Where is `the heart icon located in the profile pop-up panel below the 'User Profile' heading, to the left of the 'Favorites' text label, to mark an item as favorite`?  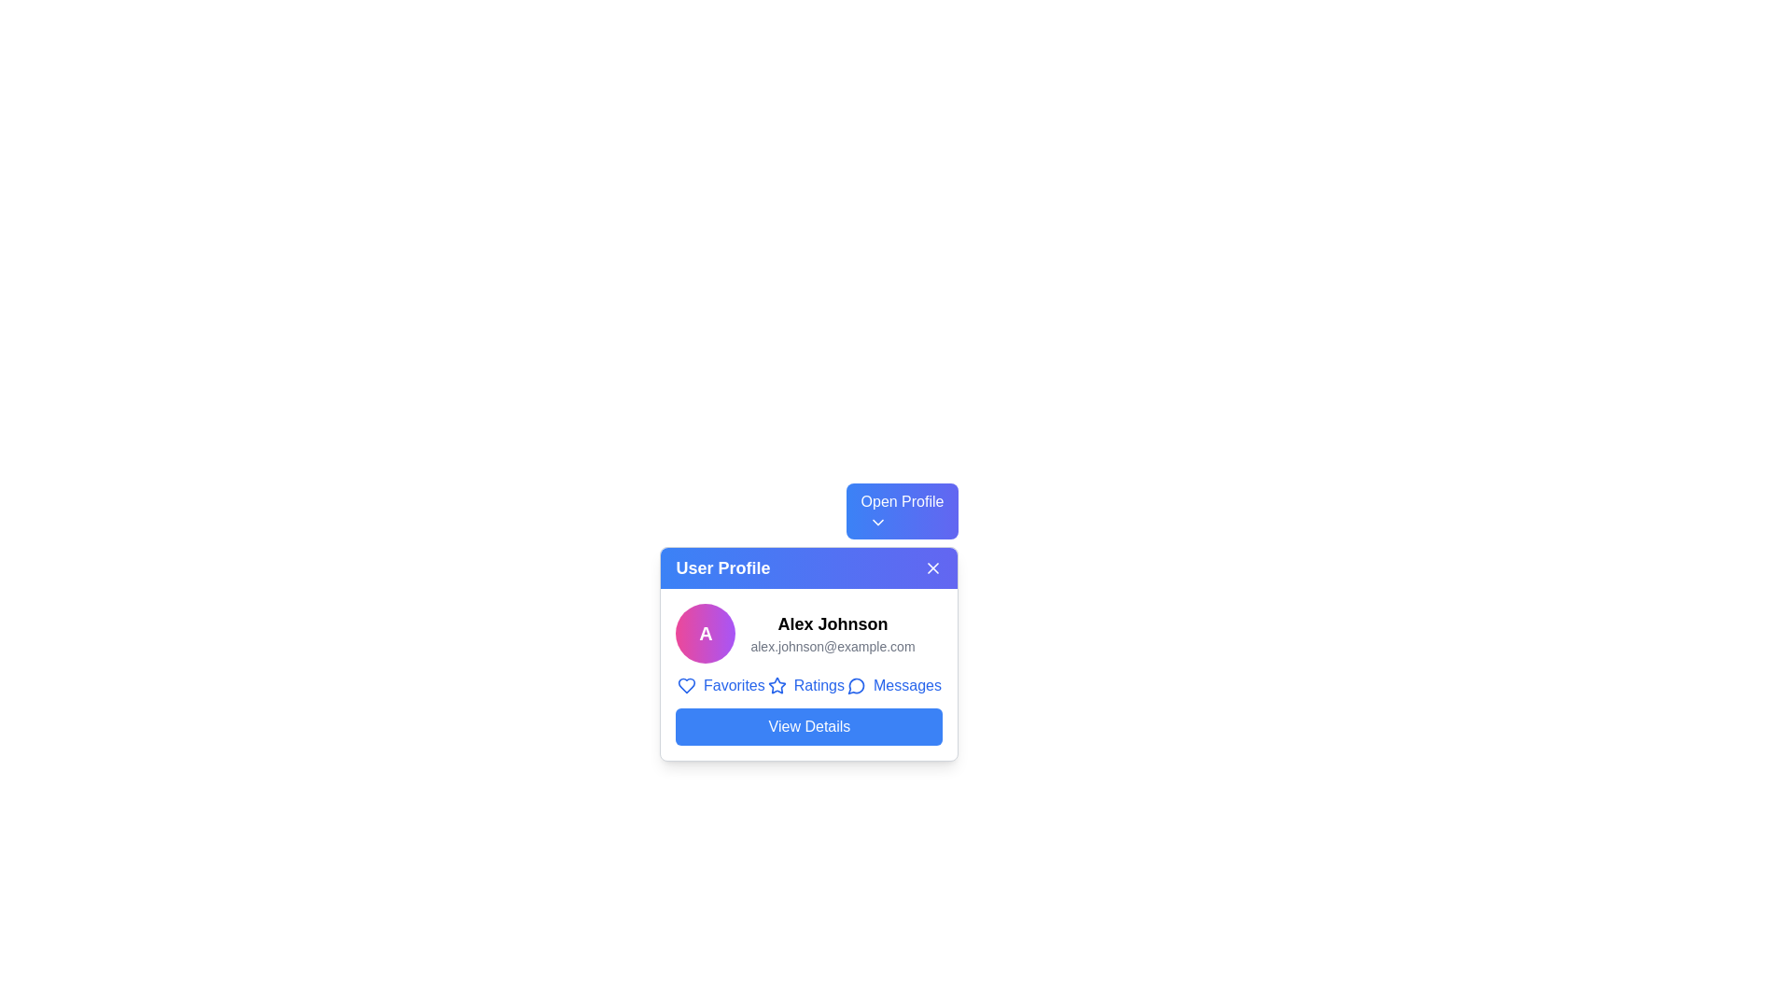
the heart icon located in the profile pop-up panel below the 'User Profile' heading, to the left of the 'Favorites' text label, to mark an item as favorite is located at coordinates (685, 686).